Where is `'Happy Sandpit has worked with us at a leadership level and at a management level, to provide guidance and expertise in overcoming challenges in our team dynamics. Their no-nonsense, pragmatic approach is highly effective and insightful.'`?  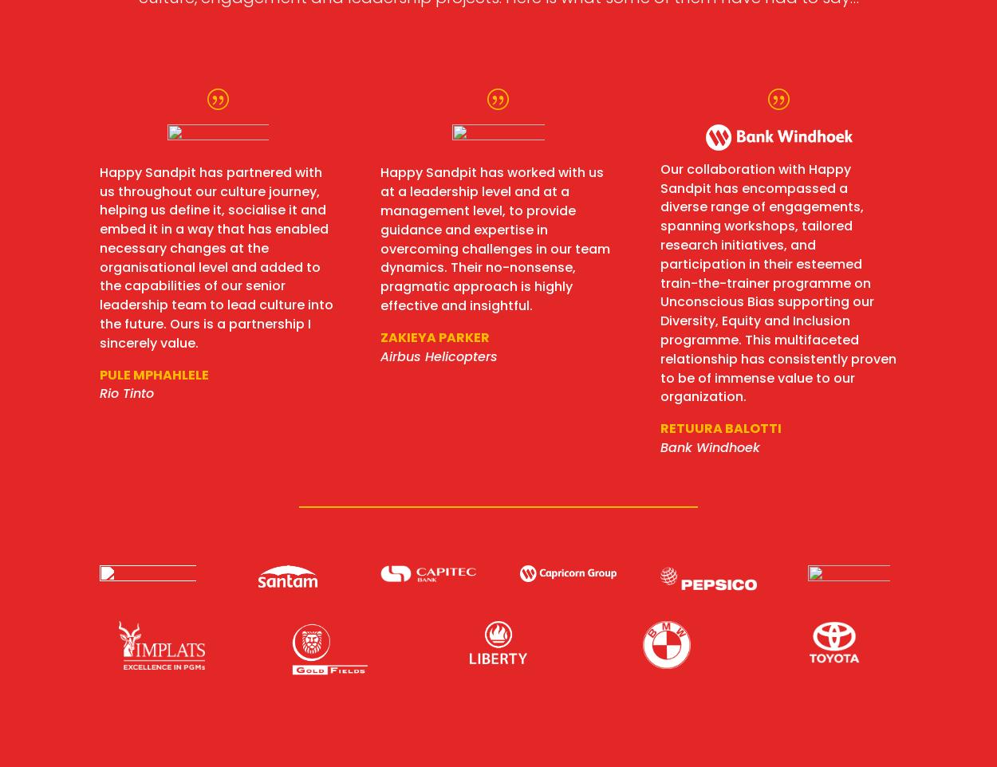 'Happy Sandpit has worked with us at a leadership level and at a management level, to provide guidance and expertise in overcoming challenges in our team dynamics. Their no-nonsense, pragmatic approach is highly effective and insightful.' is located at coordinates (379, 238).